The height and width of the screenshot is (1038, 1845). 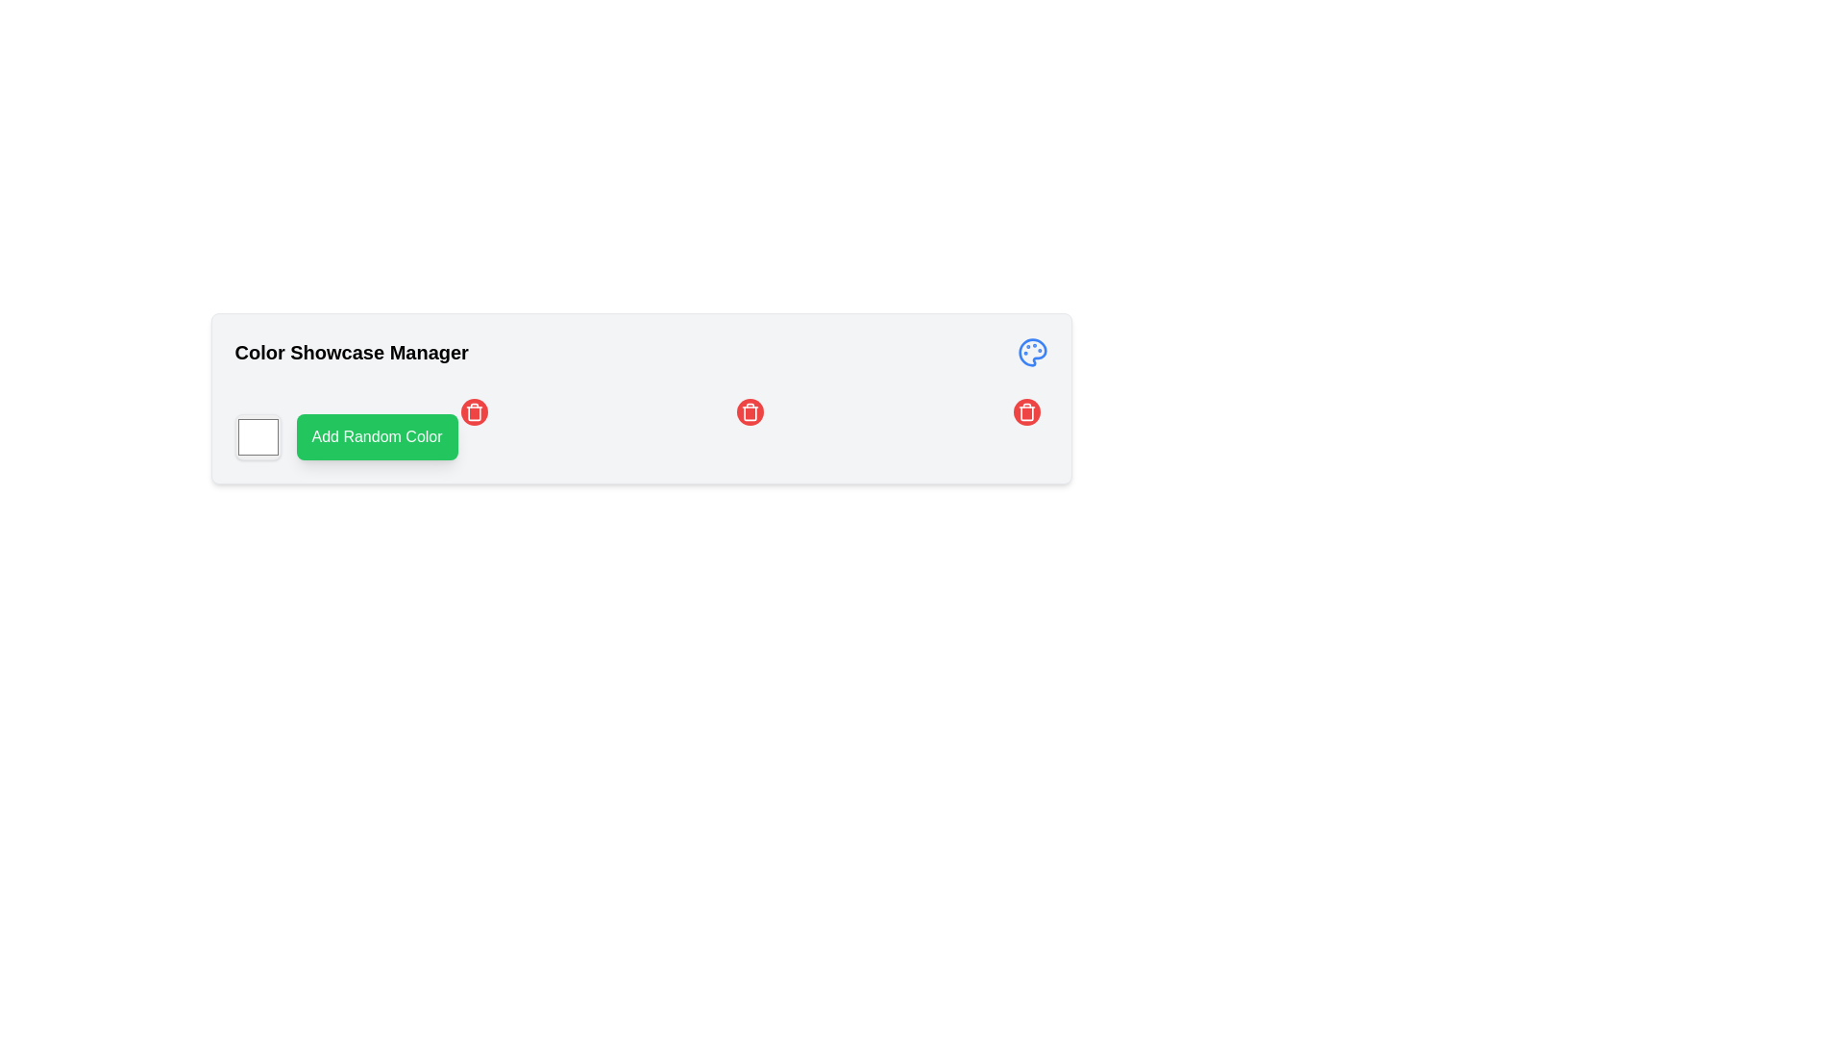 I want to click on the red circular button with a white trash can icon, so click(x=750, y=410).